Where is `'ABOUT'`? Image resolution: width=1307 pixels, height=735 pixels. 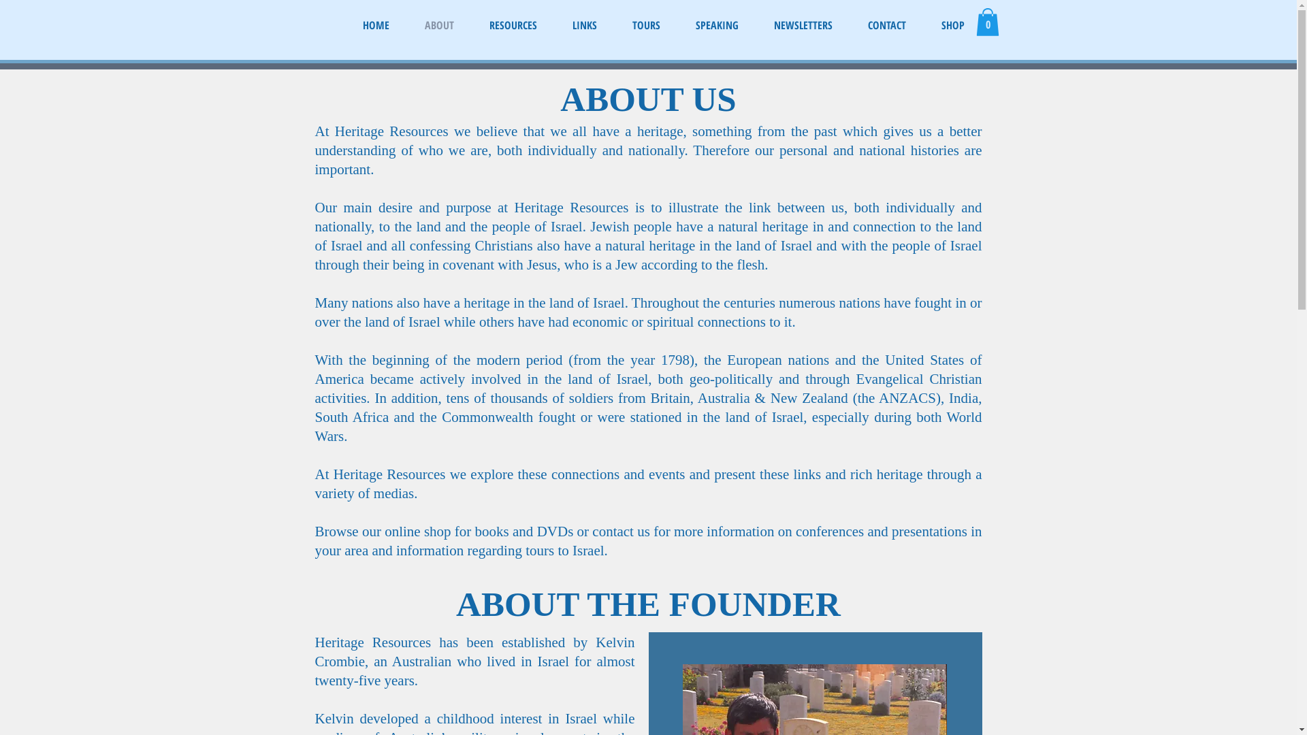
'ABOUT' is located at coordinates (439, 22).